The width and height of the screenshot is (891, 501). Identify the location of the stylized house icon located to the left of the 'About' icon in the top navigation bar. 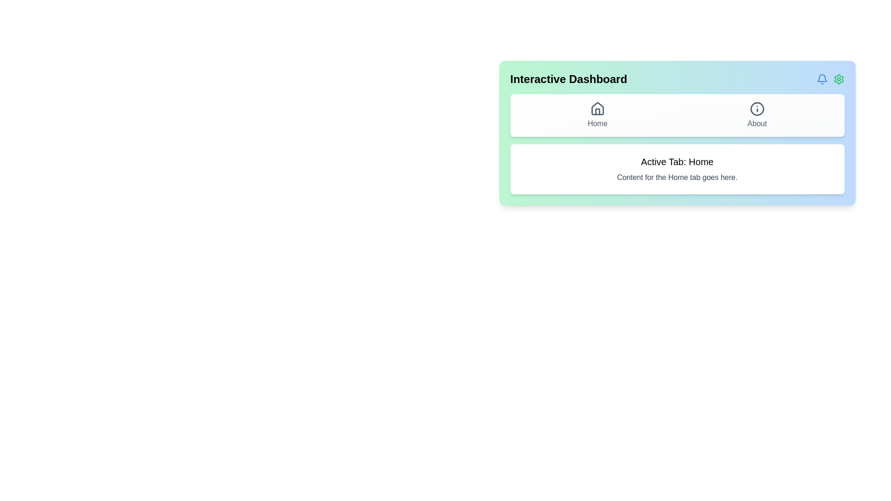
(597, 108).